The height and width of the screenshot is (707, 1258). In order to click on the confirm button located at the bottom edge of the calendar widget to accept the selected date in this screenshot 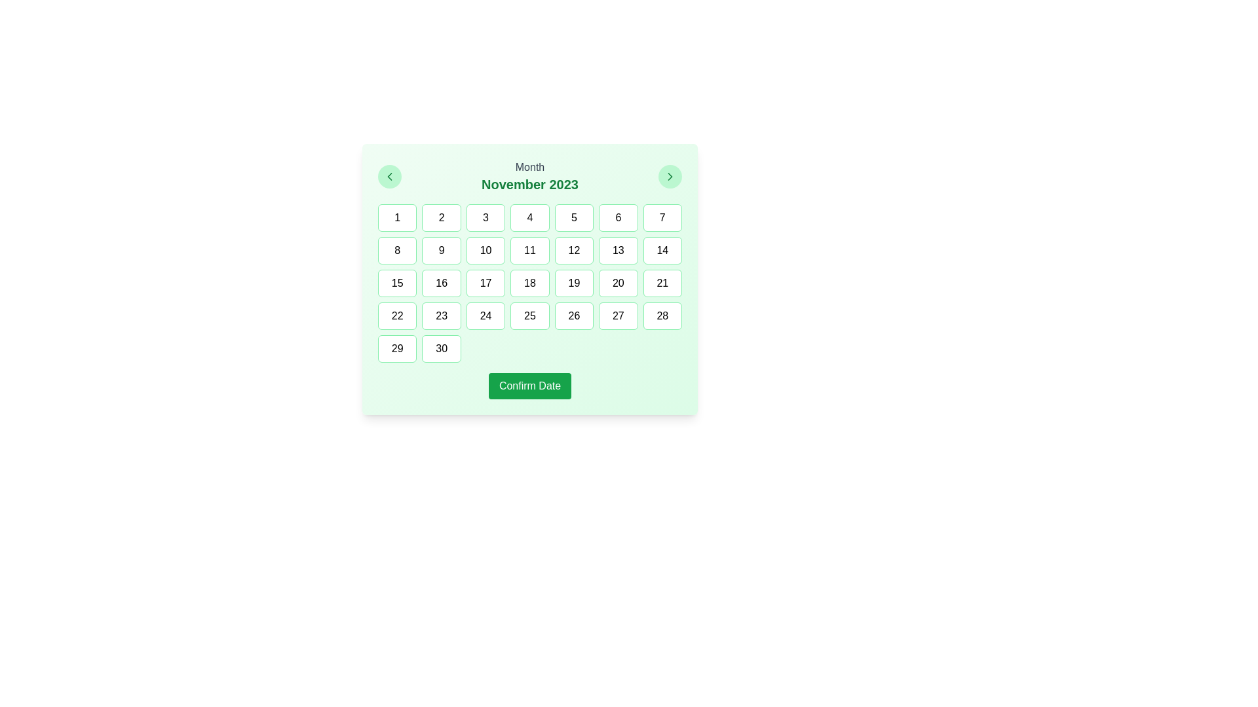, I will do `click(530, 386)`.